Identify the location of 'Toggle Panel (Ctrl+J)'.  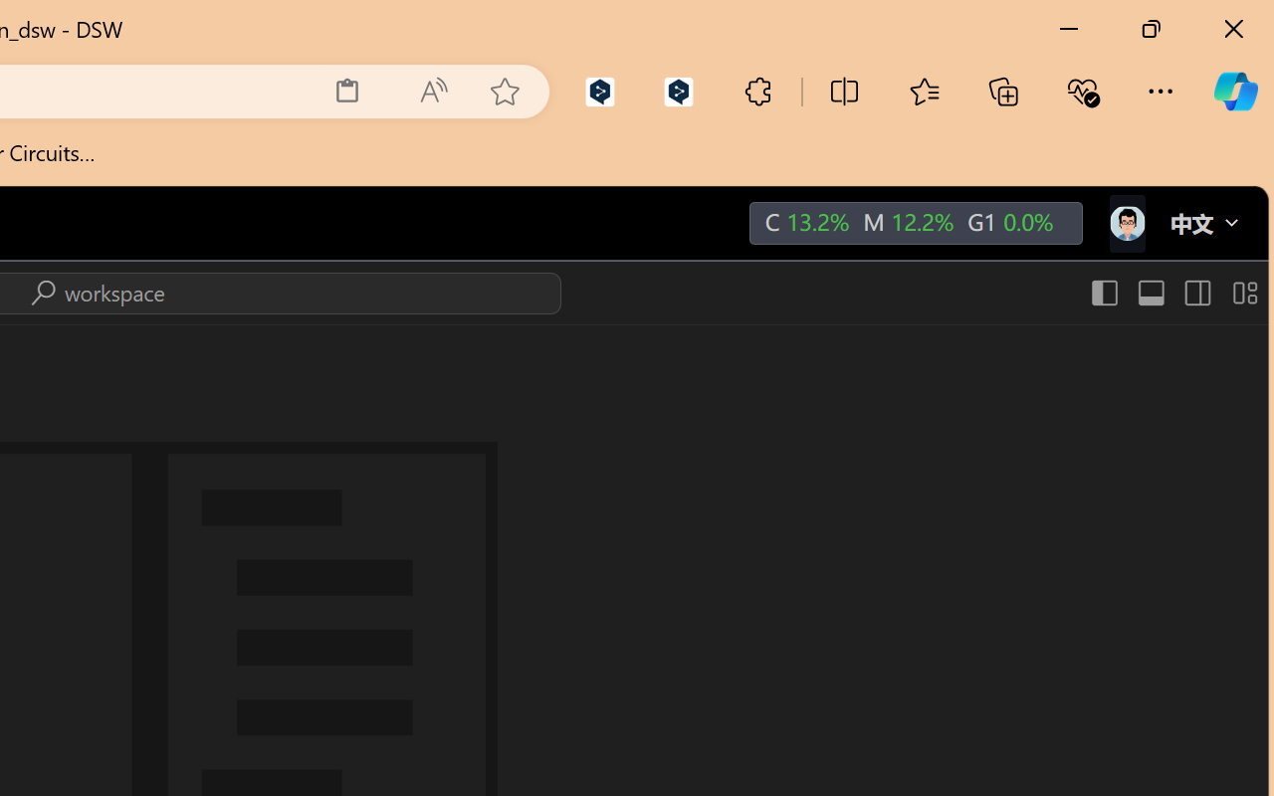
(1150, 293).